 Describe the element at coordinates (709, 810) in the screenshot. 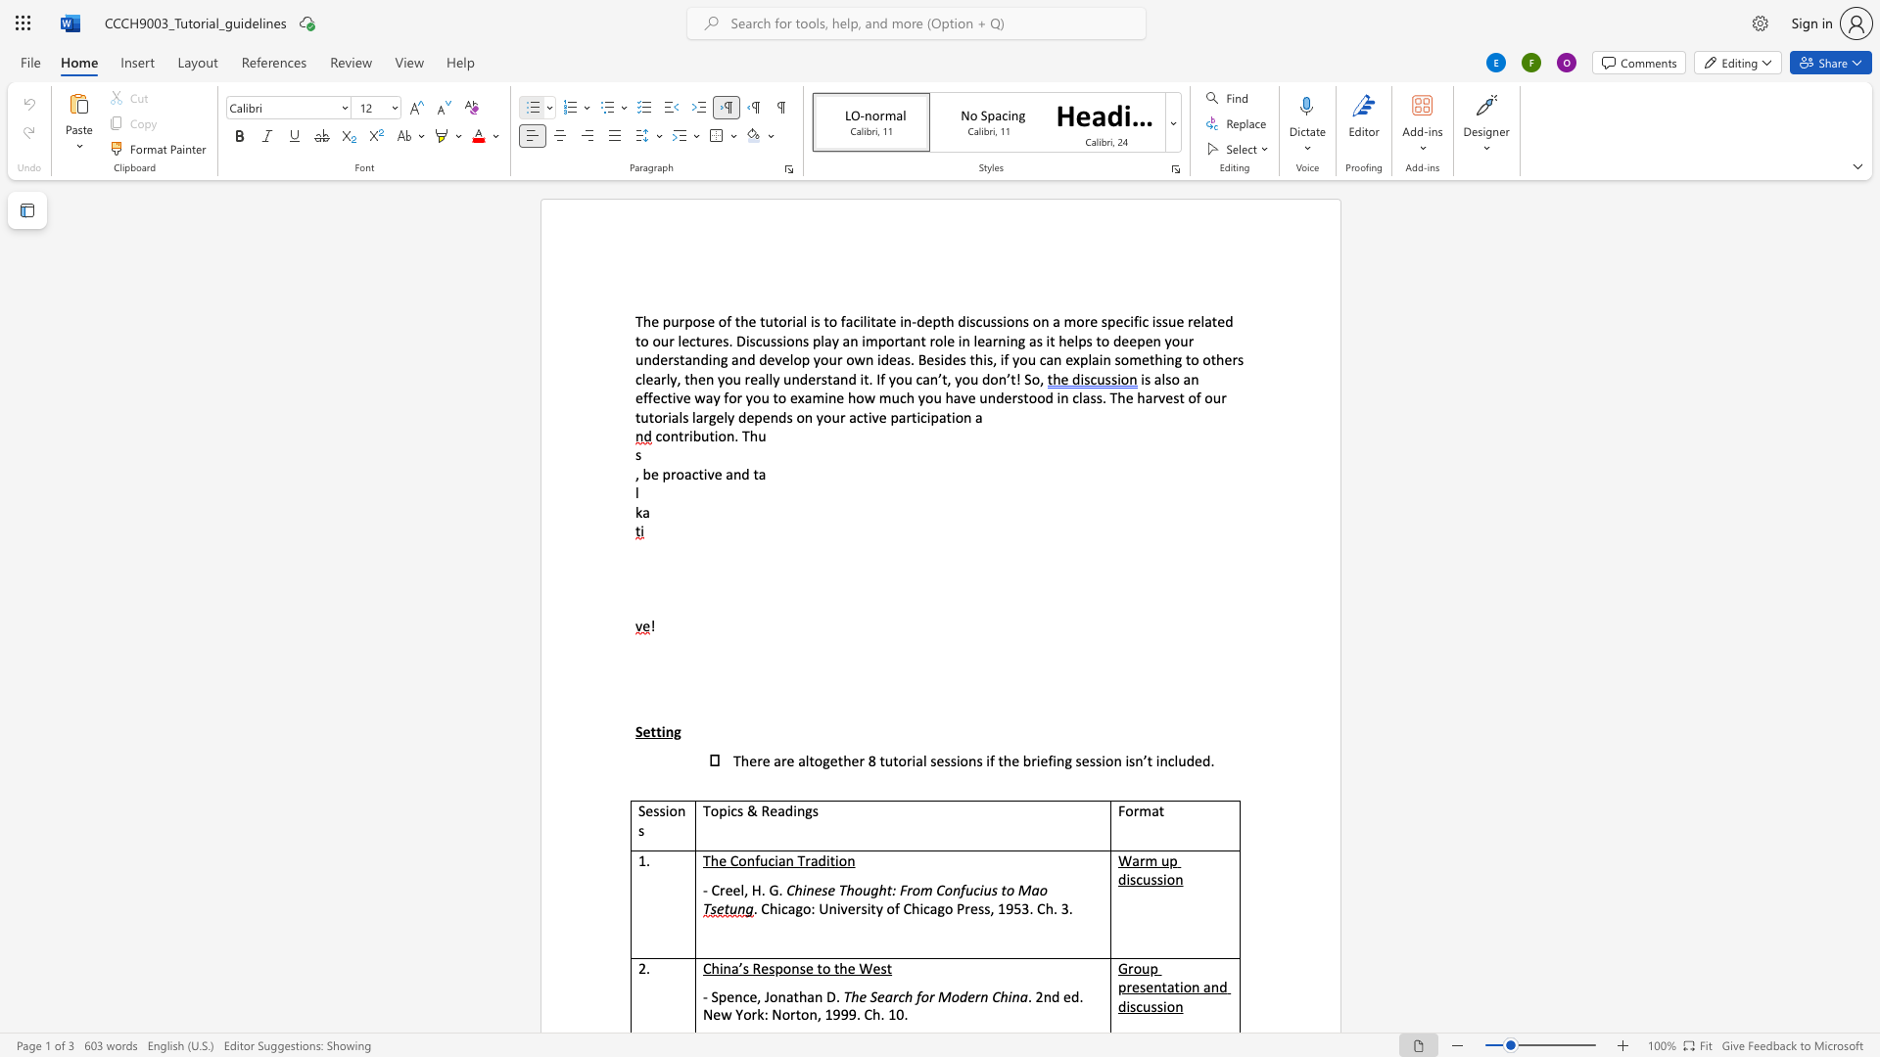

I see `the space between the continuous character "T" and "o" in the text` at that location.